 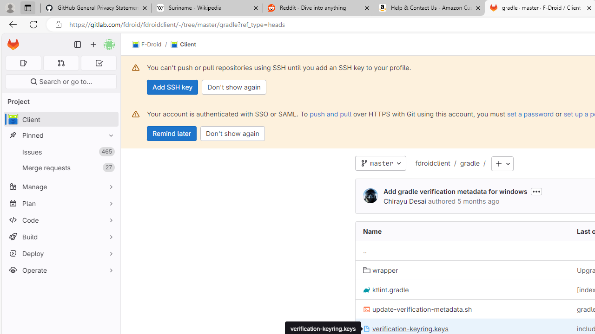 What do you see at coordinates (109, 167) in the screenshot?
I see `'Unpin Merge requests'` at bounding box center [109, 167].